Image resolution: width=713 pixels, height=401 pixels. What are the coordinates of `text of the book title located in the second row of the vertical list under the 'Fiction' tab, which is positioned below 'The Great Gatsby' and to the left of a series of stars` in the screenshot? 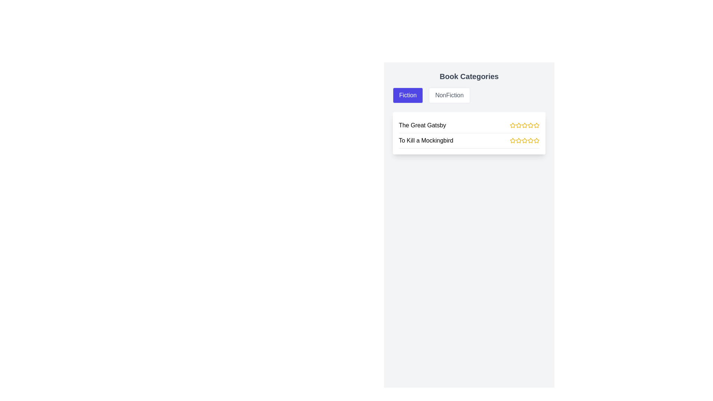 It's located at (426, 140).